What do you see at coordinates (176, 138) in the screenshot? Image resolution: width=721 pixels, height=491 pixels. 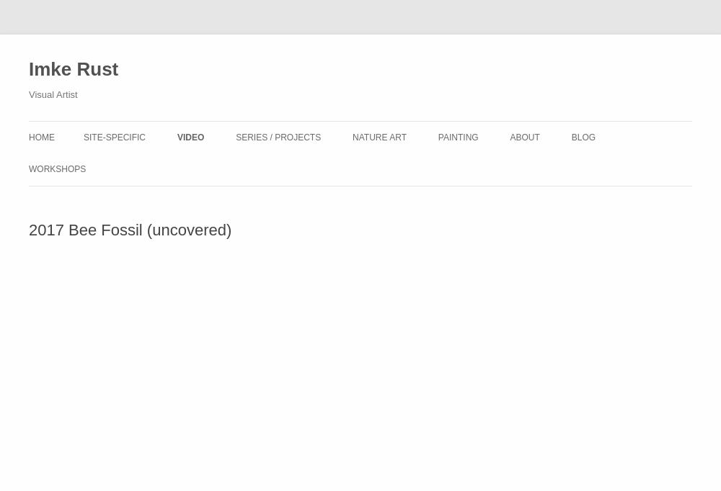 I see `'Video'` at bounding box center [176, 138].